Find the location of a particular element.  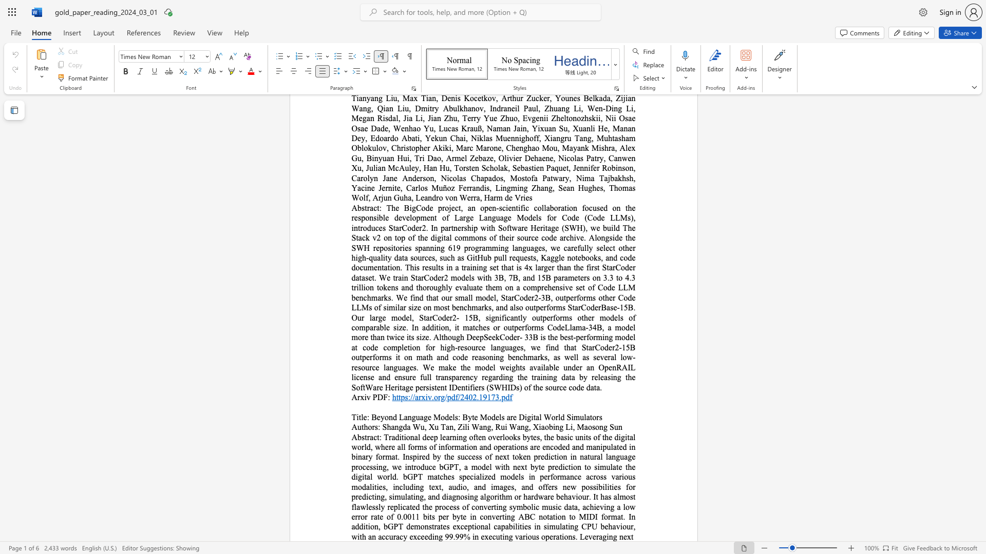

the subset text "te of 0.0011 bits per byte in converting ABC notation to MIDI format. In addition, bGPT demonstrates exceptional capabilities in simula" within the text "replicated the process of converting symbolic music data, achieving a low error rate of 0.0011 bits per byte in converting ABC notation to MIDI format. In addition, bGPT demonstrates exceptional capabilities in simulating CPU behaviour, with an accuracy exceeding 99.99% in executing various operations. Leveraging next" is located at coordinates (376, 517).